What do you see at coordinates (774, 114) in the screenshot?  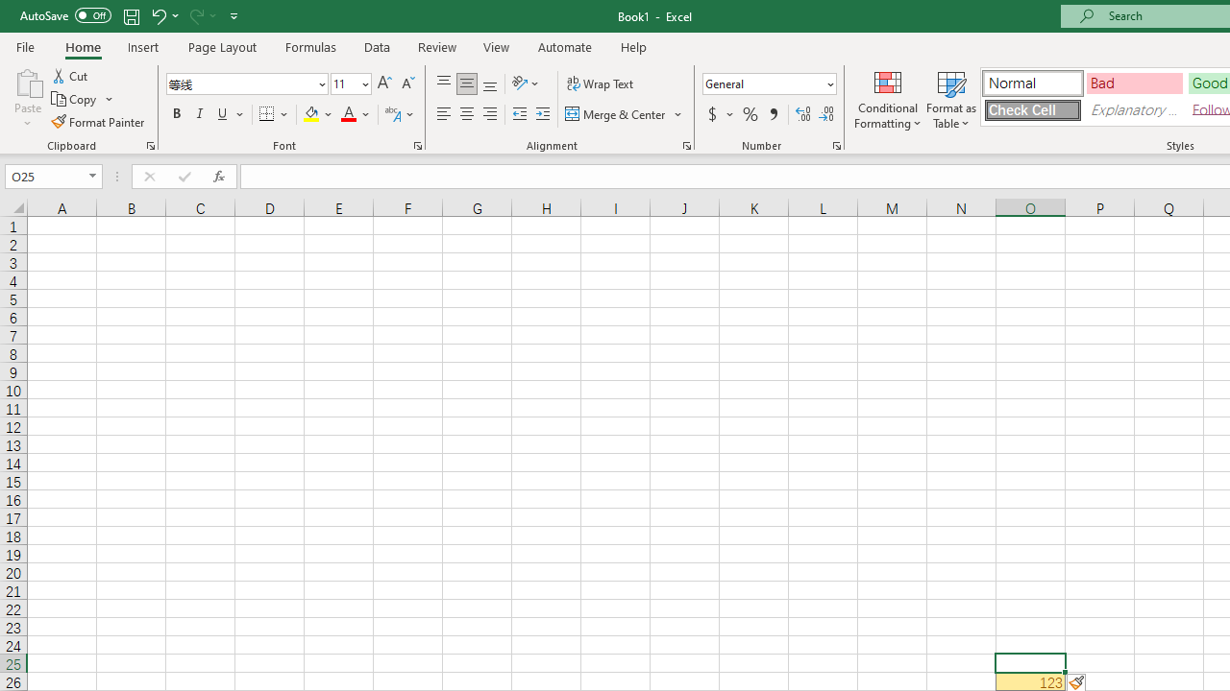 I see `'Comma Style'` at bounding box center [774, 114].